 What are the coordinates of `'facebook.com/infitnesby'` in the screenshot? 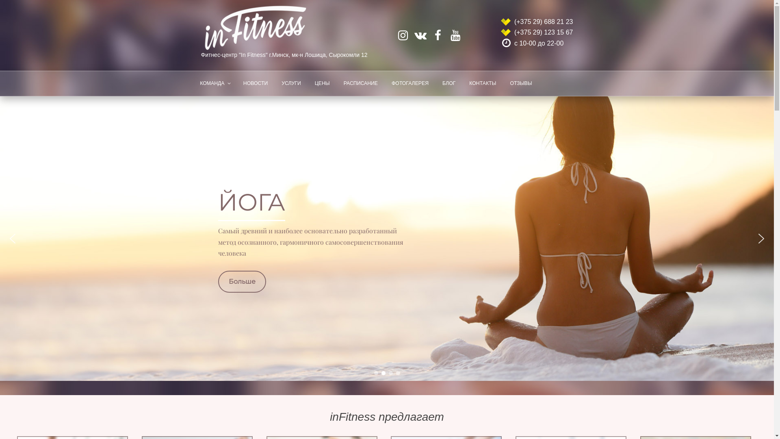 It's located at (437, 35).